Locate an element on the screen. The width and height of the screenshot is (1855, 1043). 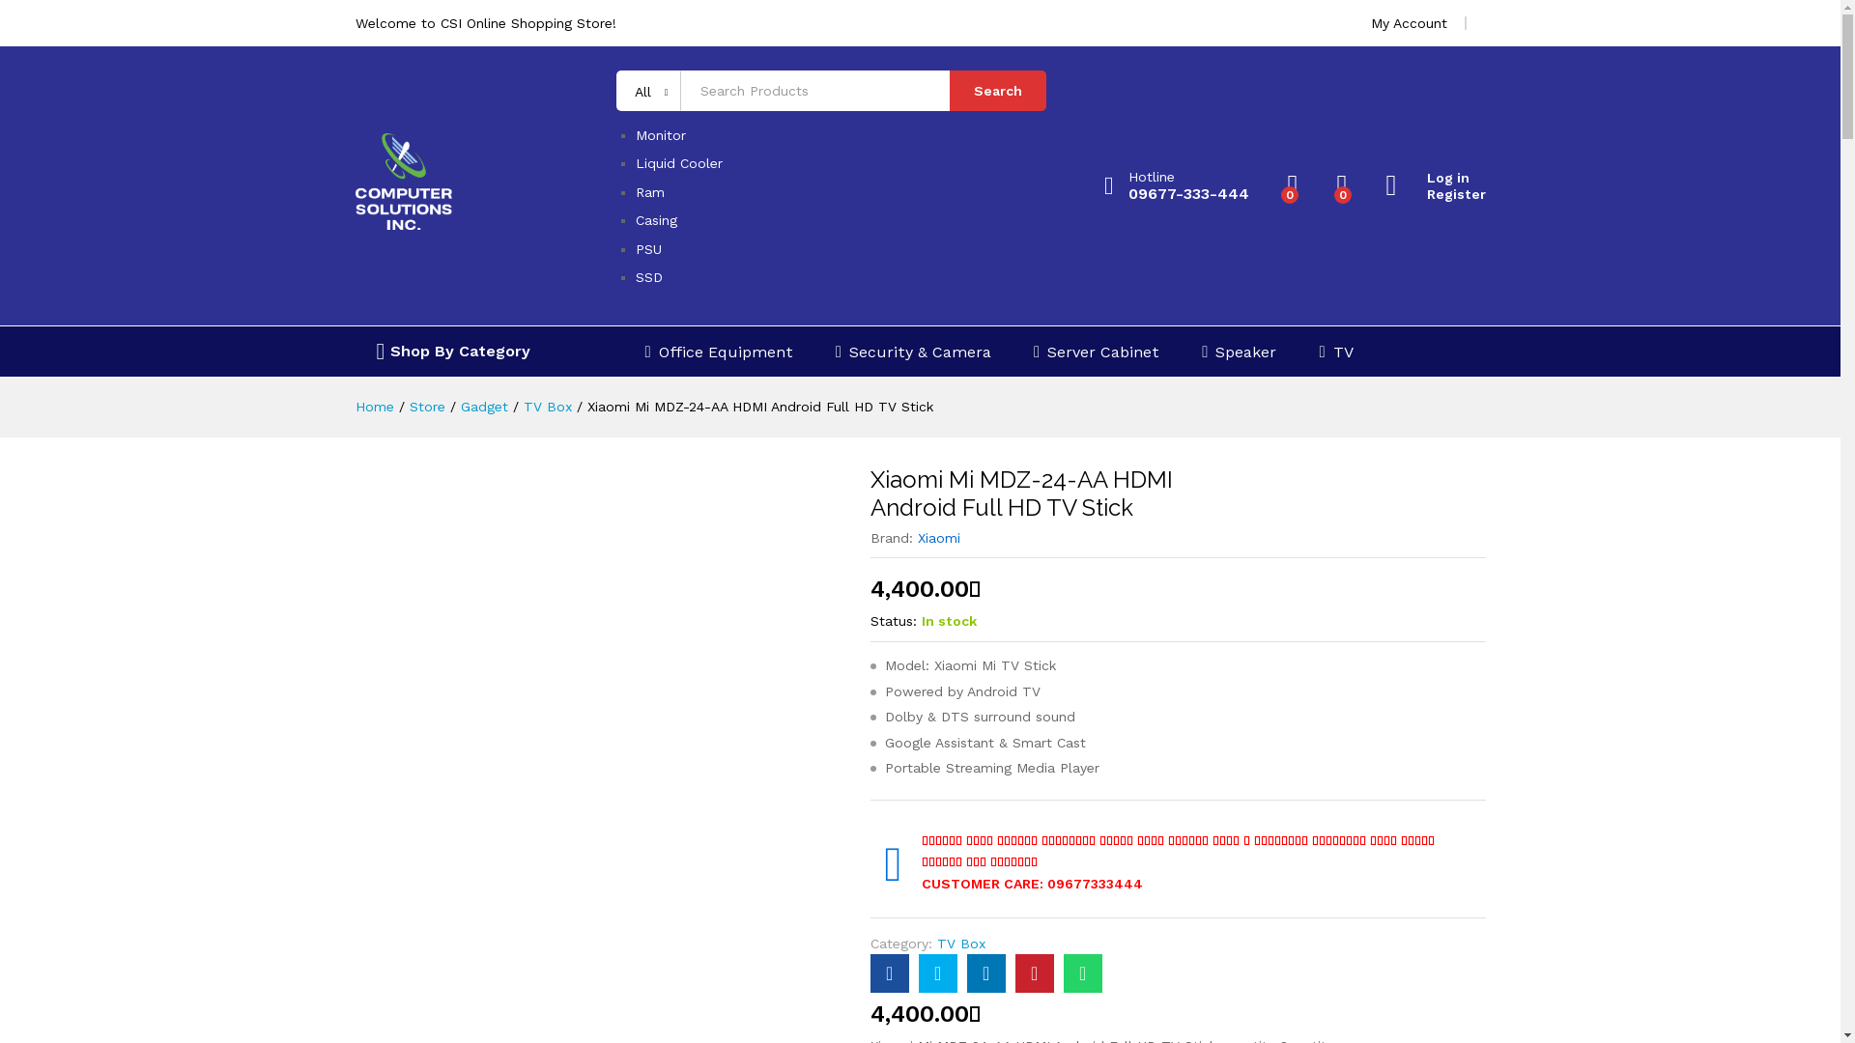
'Xiaomi+Mi+MDZ-24-AA+HDMI+Android+Full+HD+TV+Stick' is located at coordinates (986, 973).